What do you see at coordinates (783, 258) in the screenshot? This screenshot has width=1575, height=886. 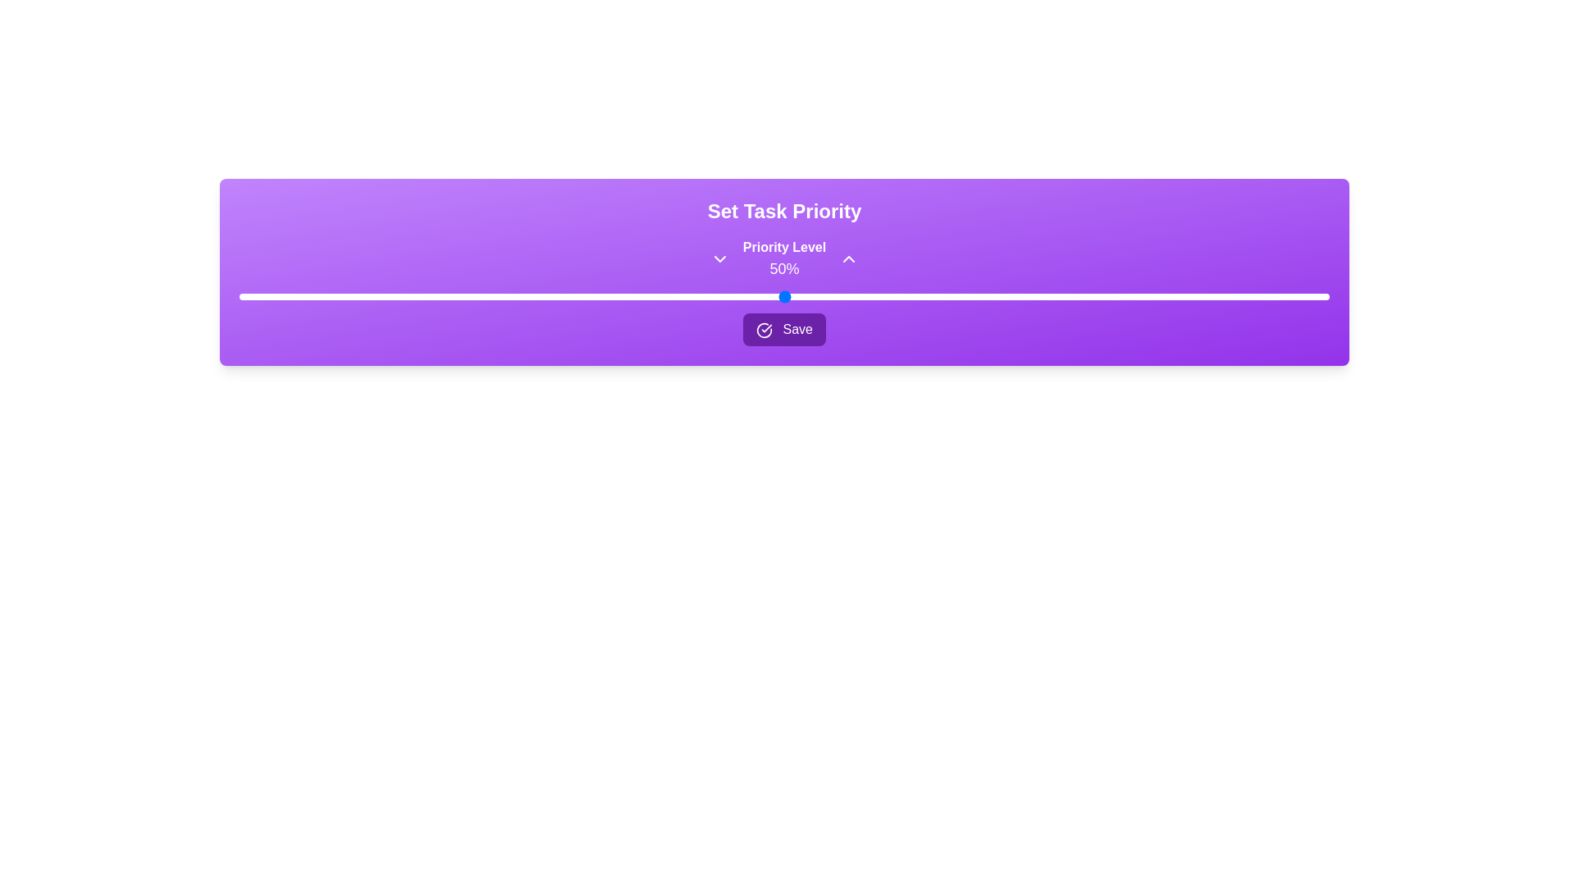 I see `the percentage value in the Dropdown menu for adjusting task priority, located centrally within the purple gradient panel under 'Set Task Priority'` at bounding box center [783, 258].